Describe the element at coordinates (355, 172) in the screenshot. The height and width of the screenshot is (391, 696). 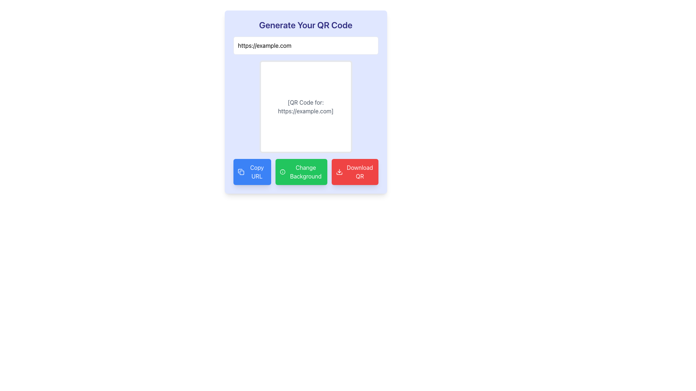
I see `the rightmost button in a row of three buttons that allows users to download the QR code, located at the bottom part of the interface` at that location.